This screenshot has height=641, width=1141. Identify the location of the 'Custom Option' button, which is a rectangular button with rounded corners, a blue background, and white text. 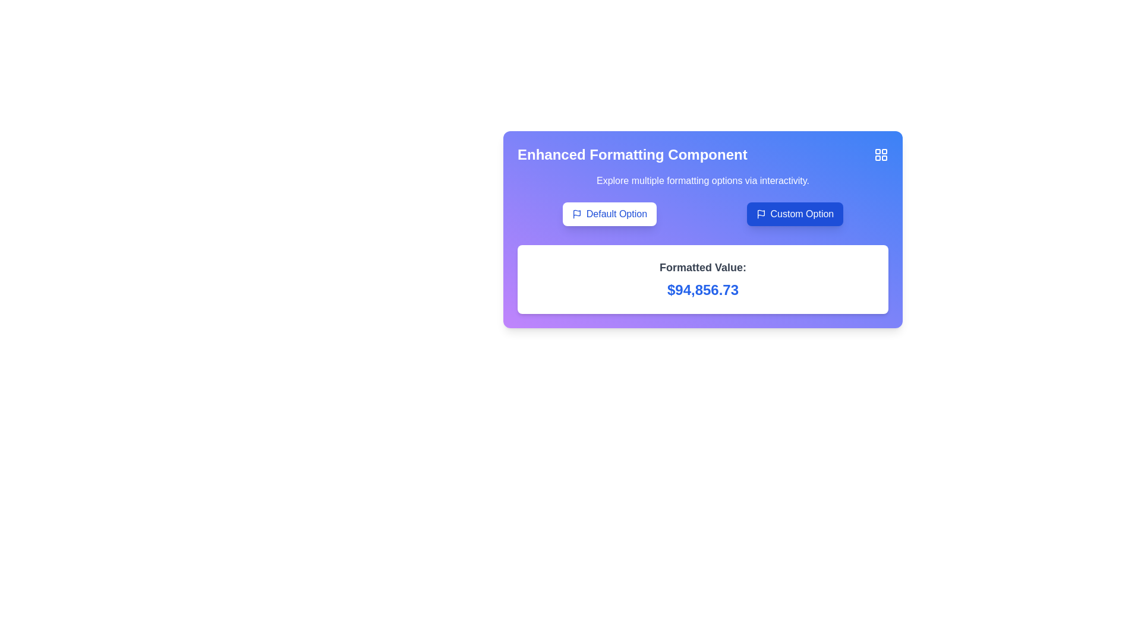
(795, 214).